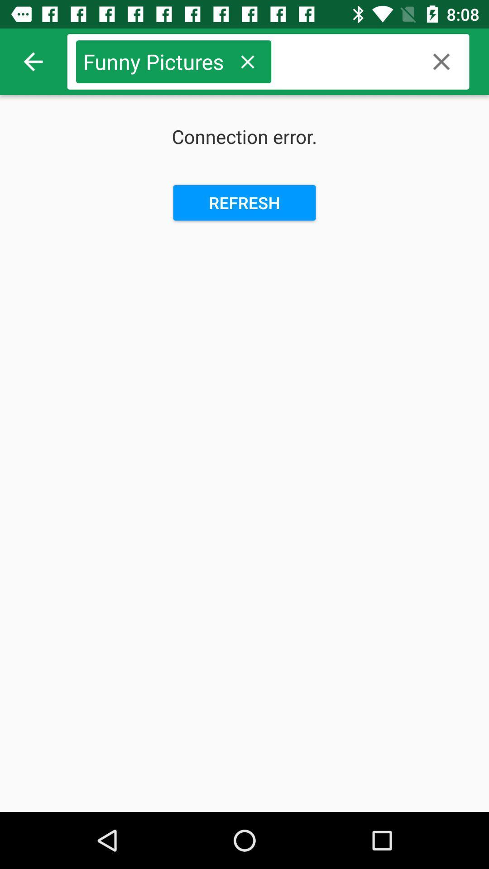  Describe the element at coordinates (247, 61) in the screenshot. I see `this option` at that location.